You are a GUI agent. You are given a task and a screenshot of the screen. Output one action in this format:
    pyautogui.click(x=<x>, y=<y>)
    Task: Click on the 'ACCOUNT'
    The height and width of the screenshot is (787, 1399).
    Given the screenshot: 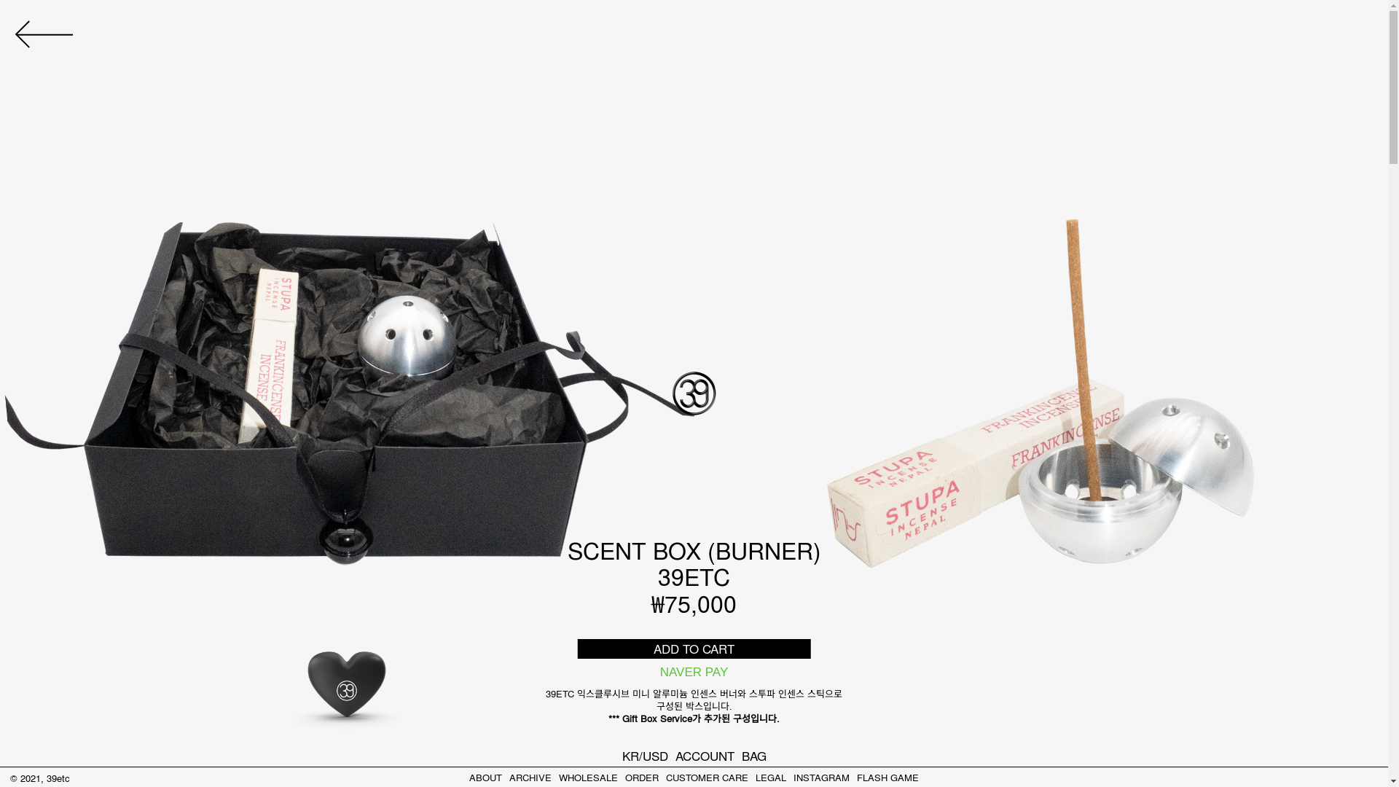 What is the action you would take?
    pyautogui.click(x=674, y=754)
    